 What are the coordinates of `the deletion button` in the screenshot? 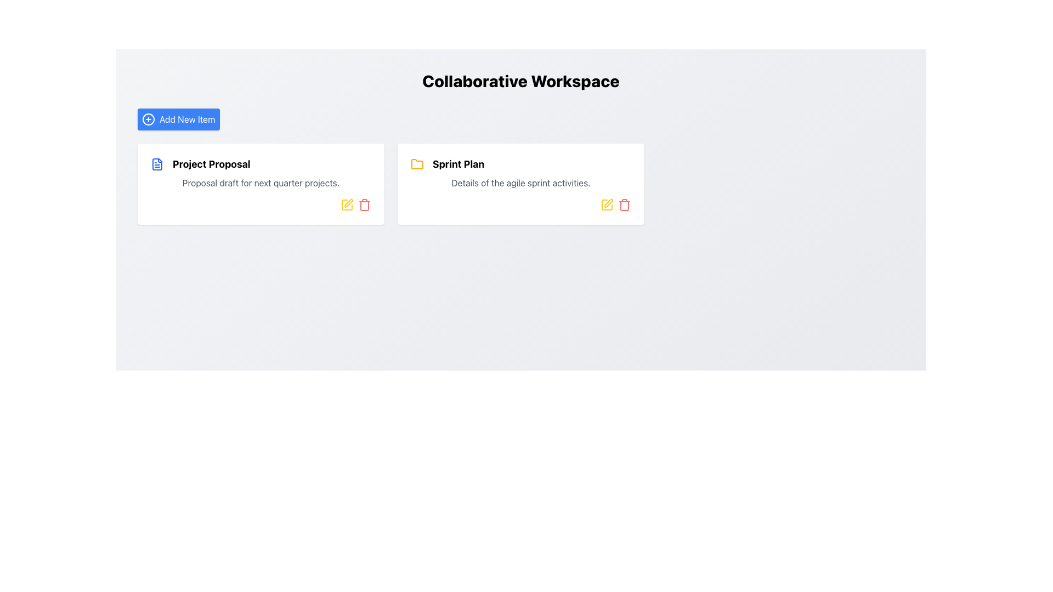 It's located at (624, 205).